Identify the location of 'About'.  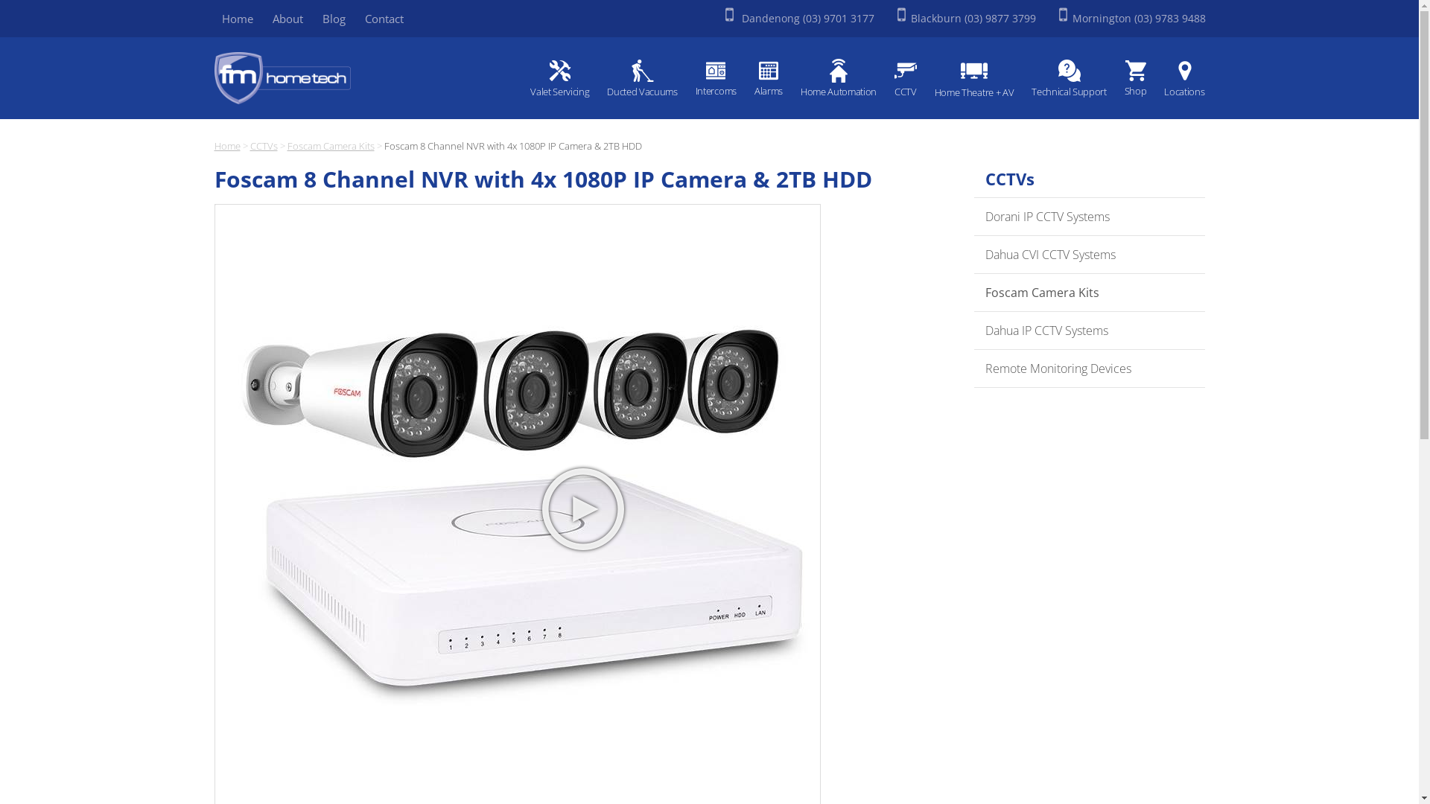
(287, 18).